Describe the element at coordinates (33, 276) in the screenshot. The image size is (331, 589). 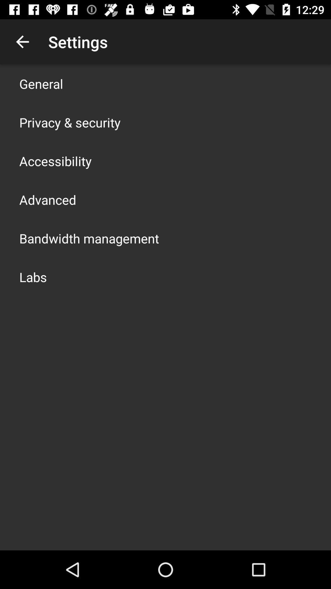
I see `the app below bandwidth management` at that location.